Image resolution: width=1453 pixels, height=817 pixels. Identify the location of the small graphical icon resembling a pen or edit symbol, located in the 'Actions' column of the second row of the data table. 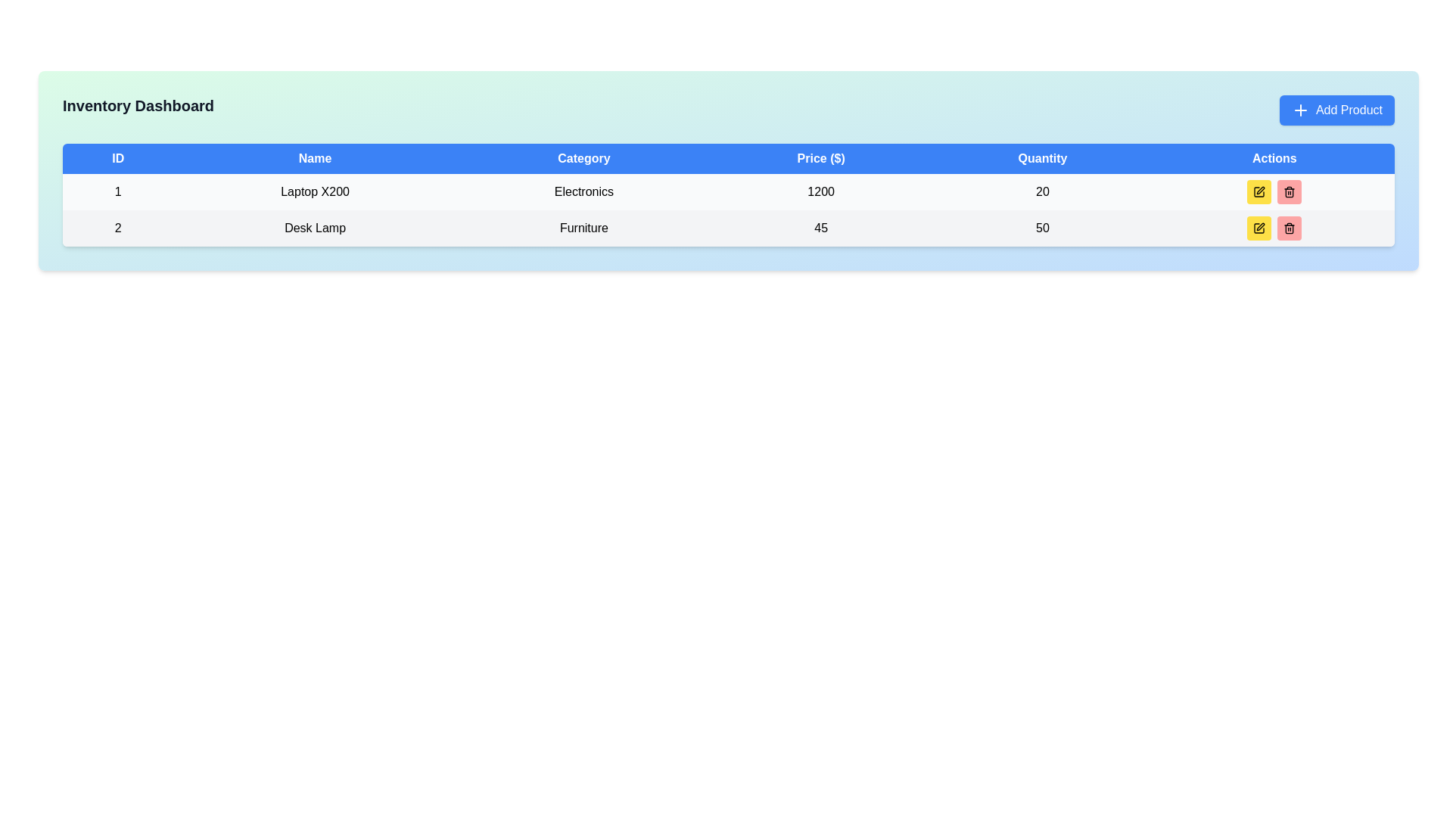
(1261, 227).